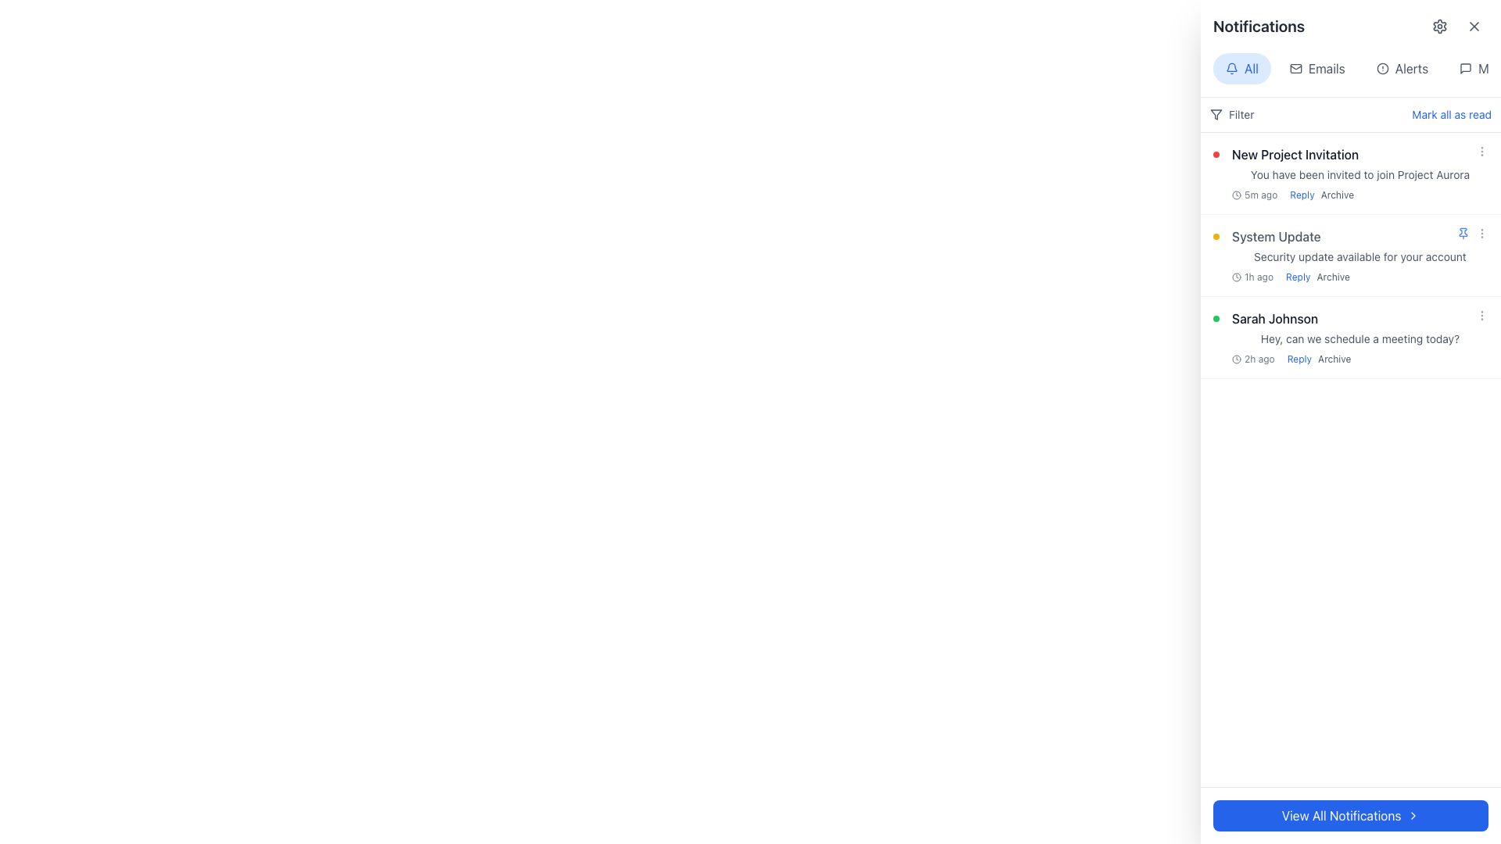 The width and height of the screenshot is (1501, 844). What do you see at coordinates (1326, 68) in the screenshot?
I see `the 'Emails' text label in the notification area` at bounding box center [1326, 68].